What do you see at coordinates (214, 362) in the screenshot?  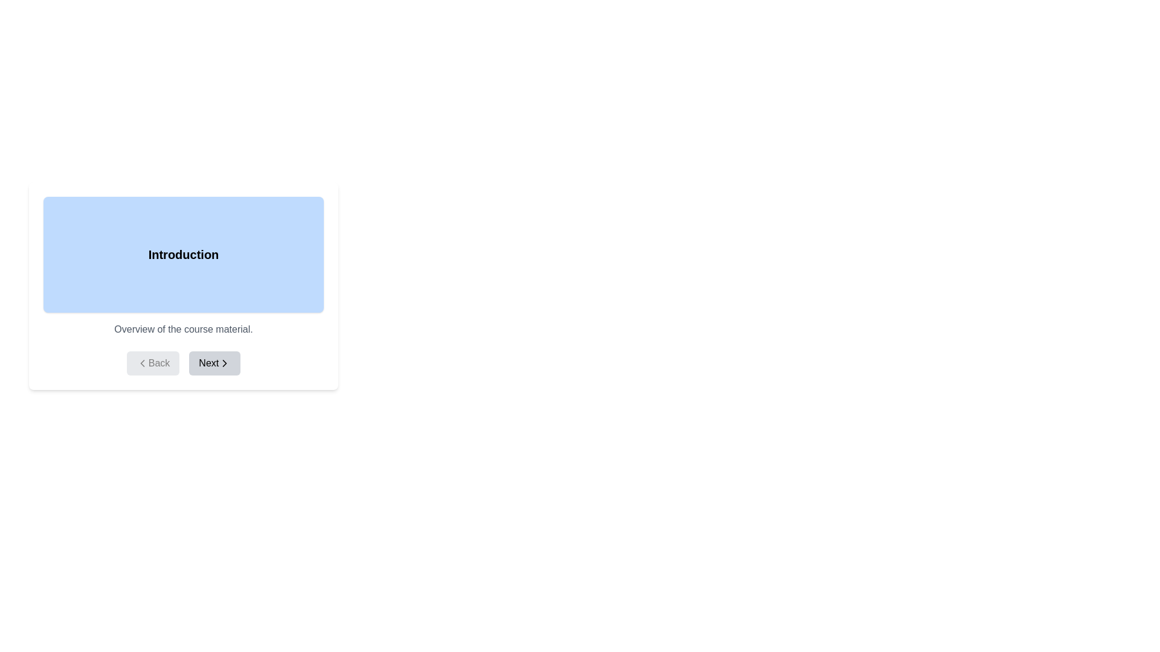 I see `the 'Next' button located at the bottom-right corner of the section to proceed to the next step` at bounding box center [214, 362].